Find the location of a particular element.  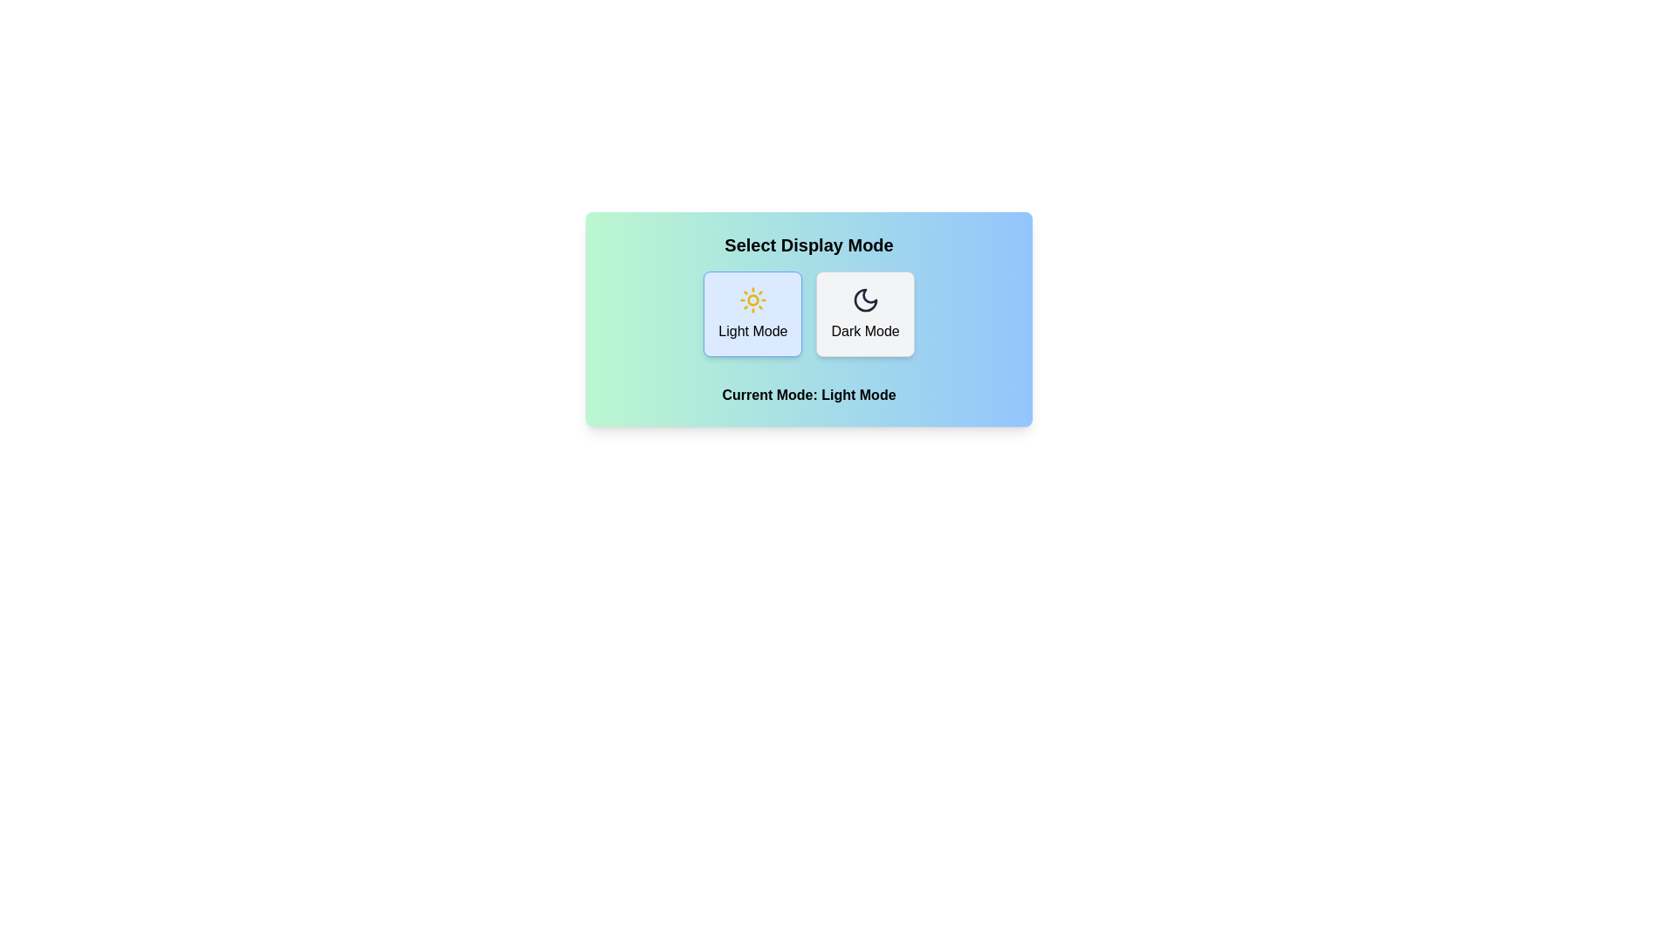

the button corresponding to the desired theme mode: Light Mode is located at coordinates (752, 313).